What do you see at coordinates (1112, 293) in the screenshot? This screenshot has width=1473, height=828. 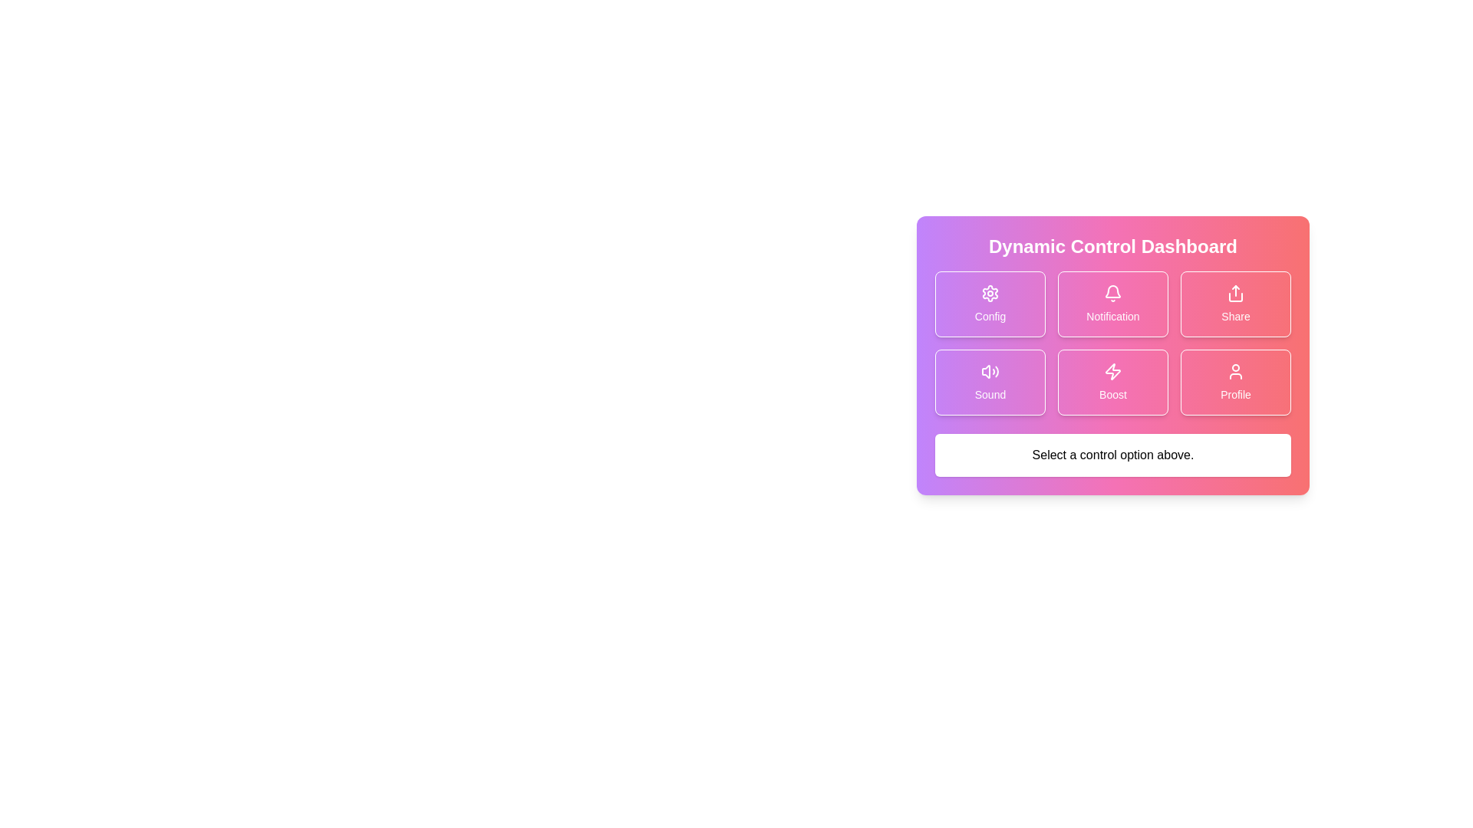 I see `the notification icon located at the upper center part of the 'Notification' button on the Dynamic Control Dashboard` at bounding box center [1112, 293].